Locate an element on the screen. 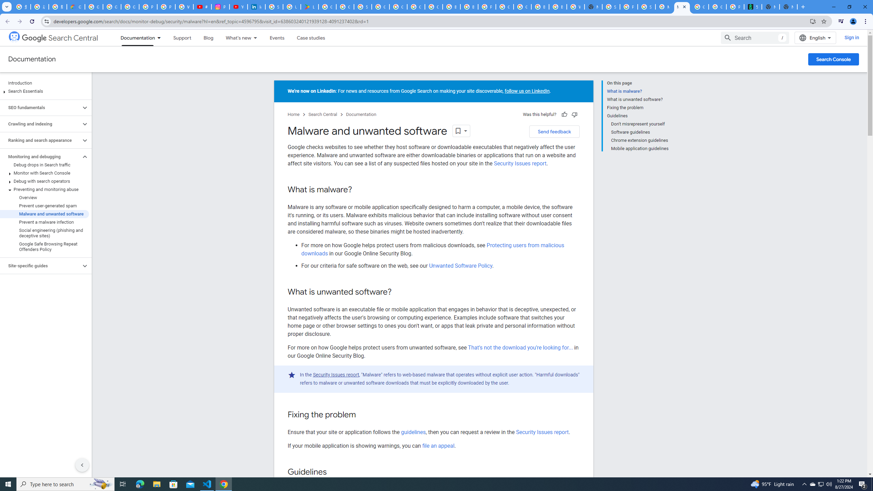 Image resolution: width=873 pixels, height=491 pixels. 'Dropdown menu for Documentation' is located at coordinates (161, 38).